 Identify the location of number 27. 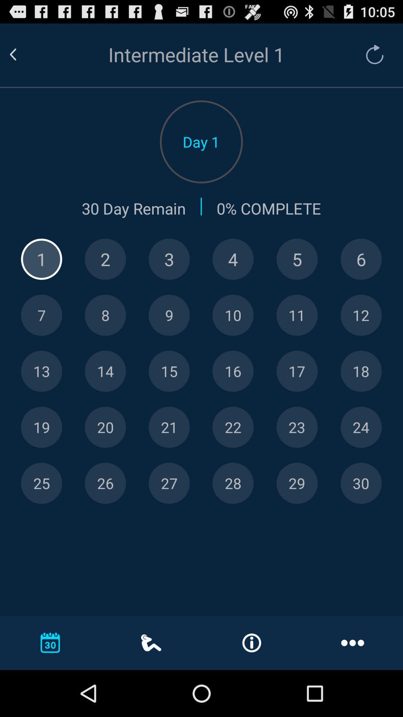
(169, 483).